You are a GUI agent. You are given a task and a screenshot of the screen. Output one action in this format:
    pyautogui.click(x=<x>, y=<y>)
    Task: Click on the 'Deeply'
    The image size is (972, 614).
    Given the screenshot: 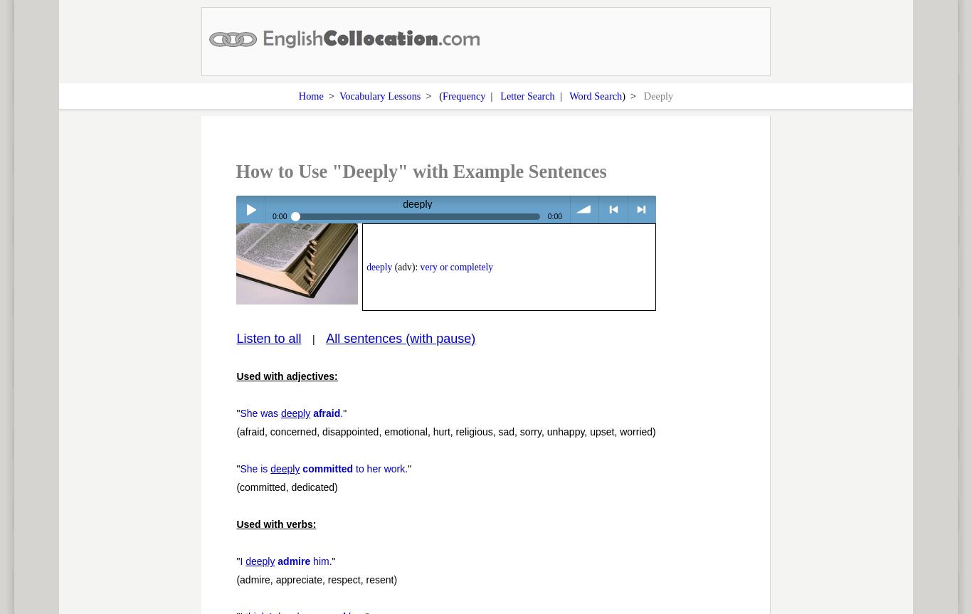 What is the action you would take?
    pyautogui.click(x=658, y=95)
    